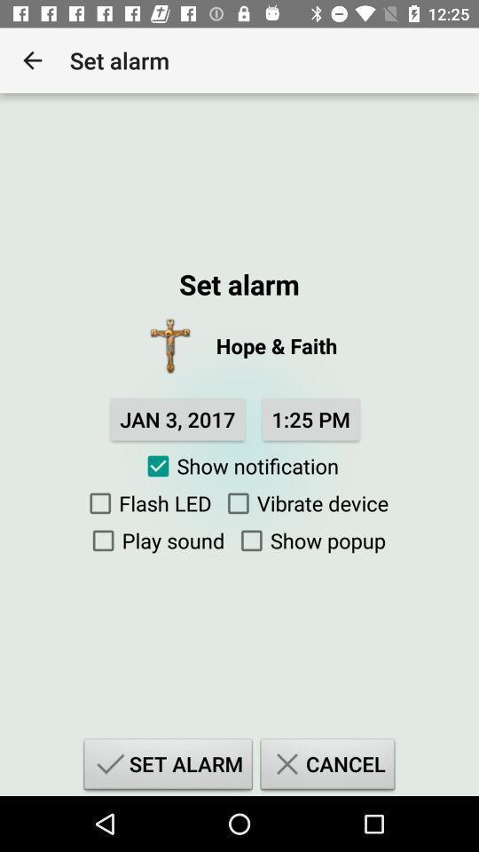 The width and height of the screenshot is (479, 852). What do you see at coordinates (145, 503) in the screenshot?
I see `the icon next to vibrate device item` at bounding box center [145, 503].